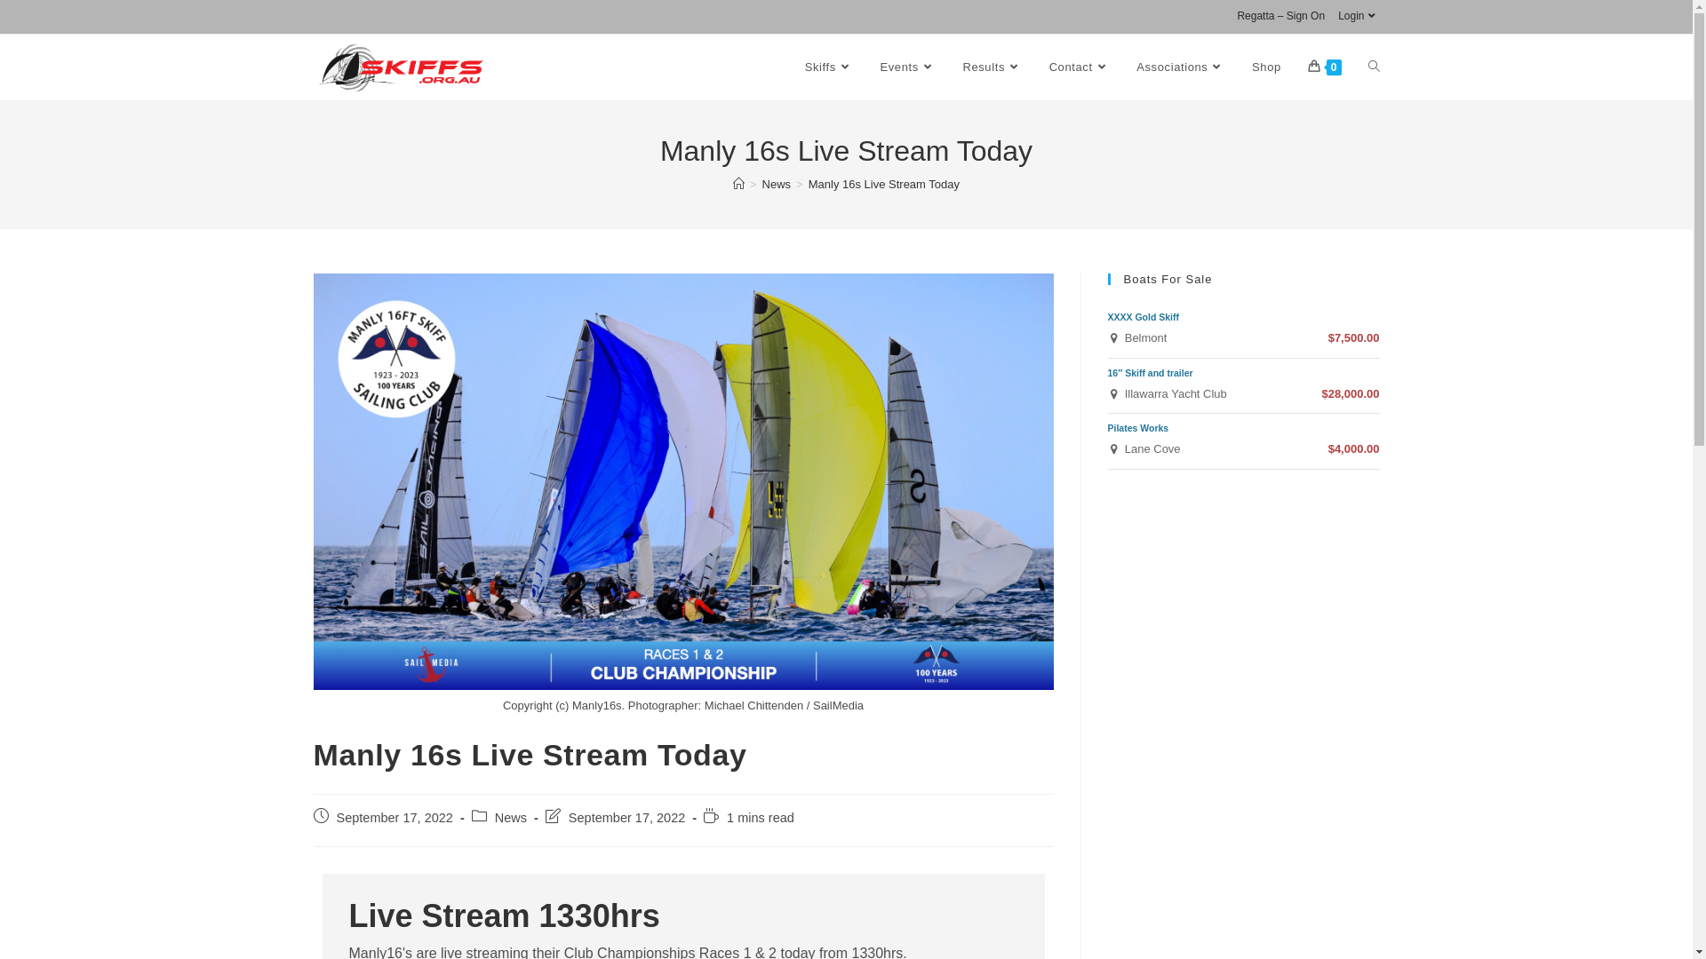 This screenshot has height=959, width=1706. What do you see at coordinates (1265, 67) in the screenshot?
I see `'Shop'` at bounding box center [1265, 67].